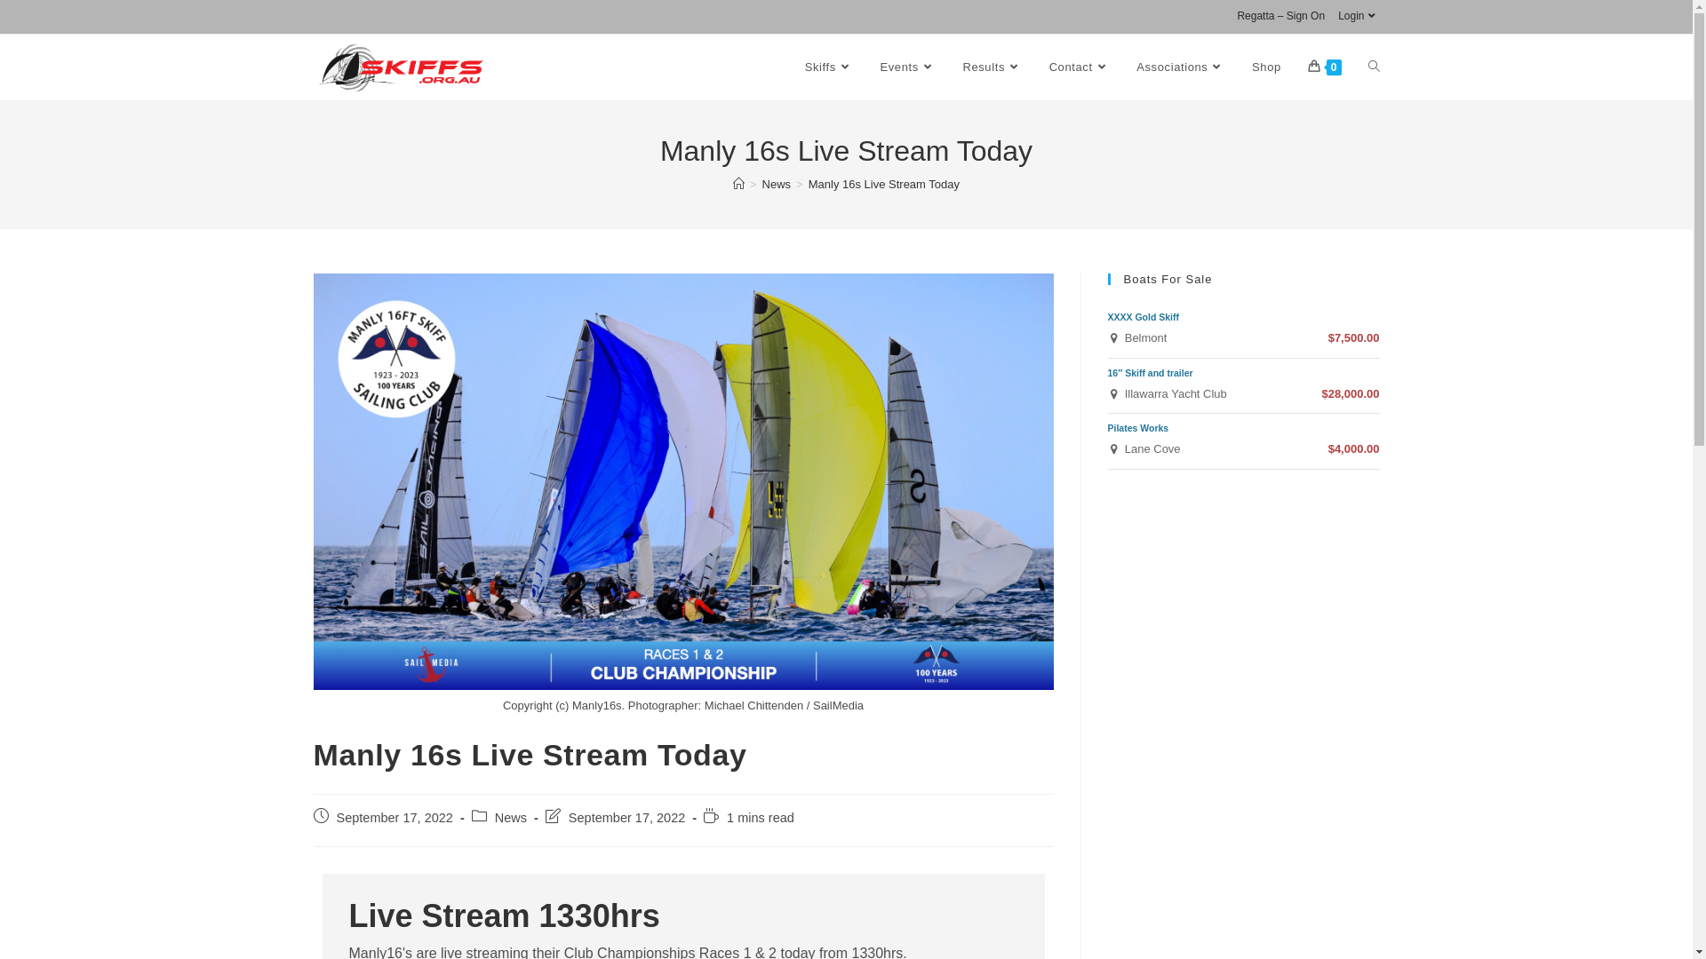 This screenshot has height=959, width=1706. What do you see at coordinates (1265, 67) in the screenshot?
I see `'Shop'` at bounding box center [1265, 67].